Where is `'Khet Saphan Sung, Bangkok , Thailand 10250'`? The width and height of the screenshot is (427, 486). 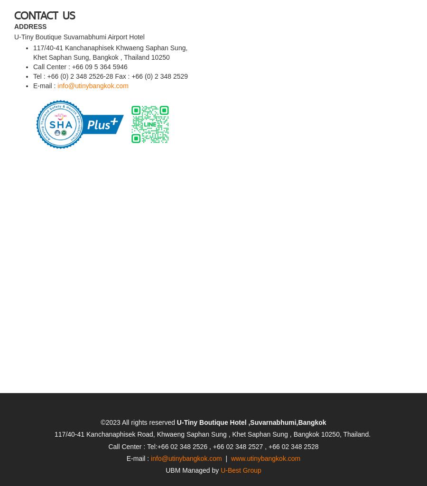
'Khet Saphan Sung, Bangkok , Thailand 10250' is located at coordinates (101, 29).